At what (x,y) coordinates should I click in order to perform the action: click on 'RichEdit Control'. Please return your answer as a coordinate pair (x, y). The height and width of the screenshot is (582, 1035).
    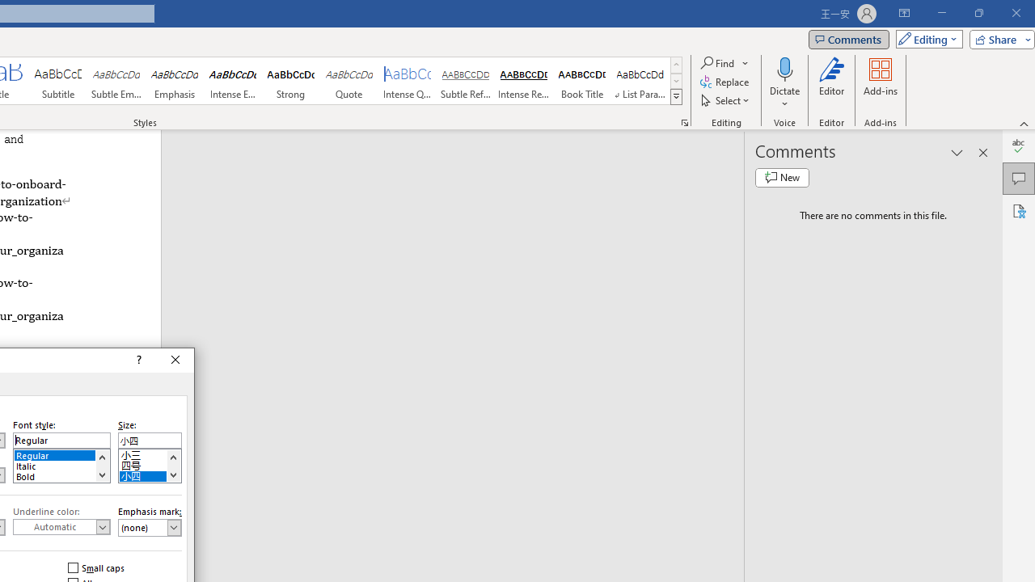
    Looking at the image, I should click on (150, 441).